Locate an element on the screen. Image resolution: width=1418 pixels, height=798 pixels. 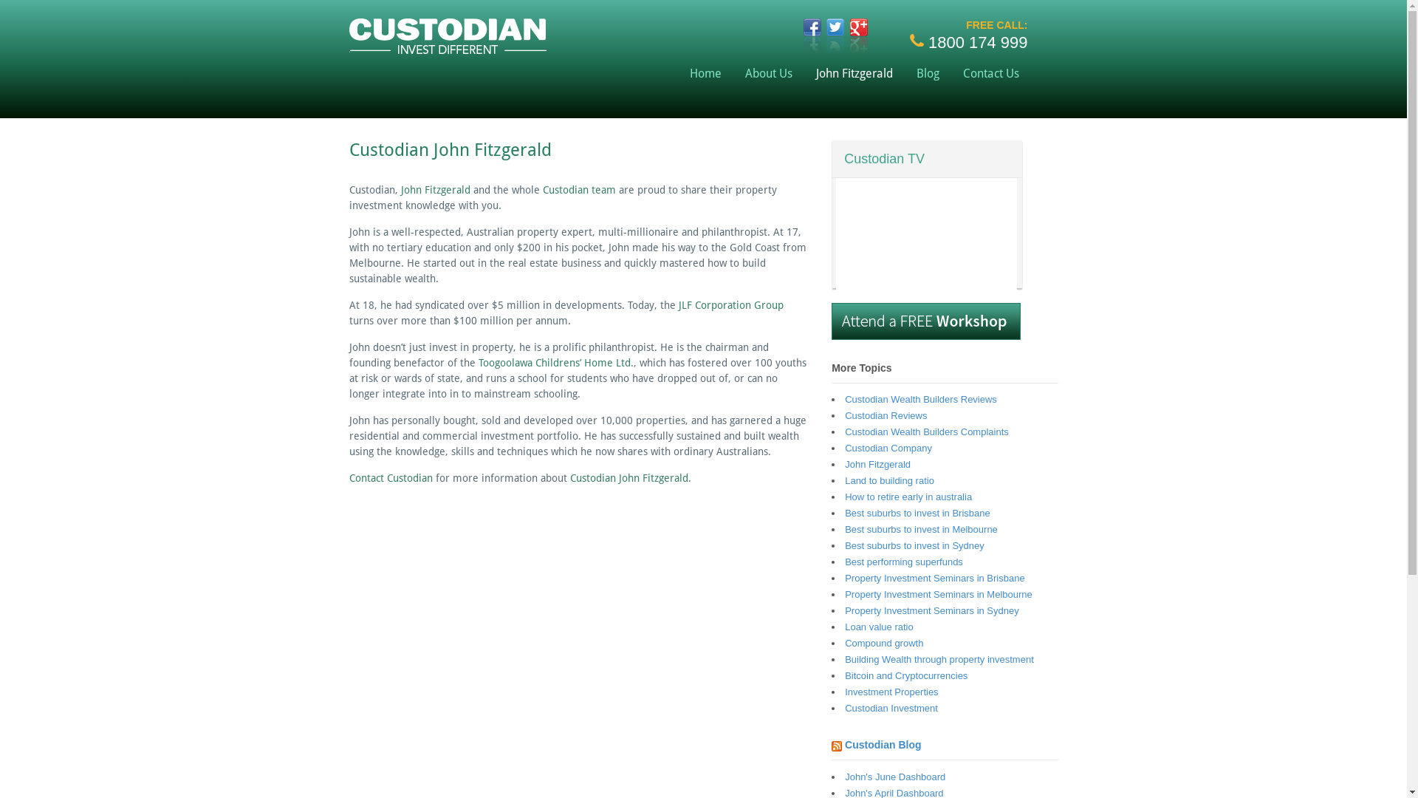
'How to retire early in australia' is located at coordinates (907, 497).